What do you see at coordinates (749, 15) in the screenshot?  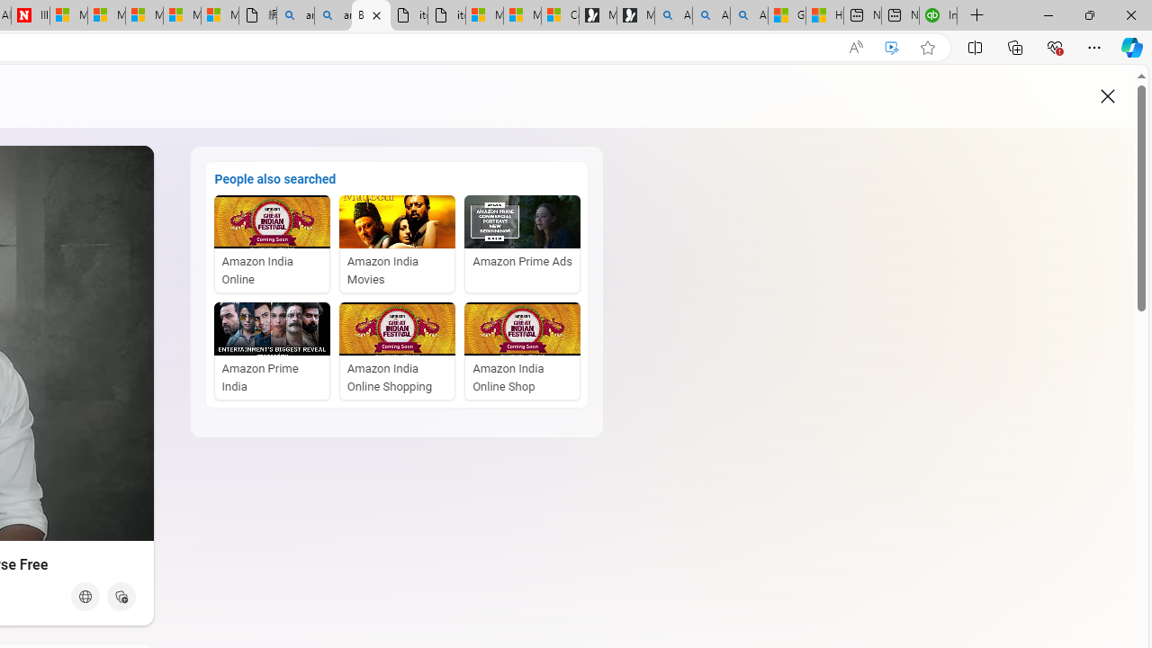 I see `'Alabama high school quarterback dies - Search Videos'` at bounding box center [749, 15].